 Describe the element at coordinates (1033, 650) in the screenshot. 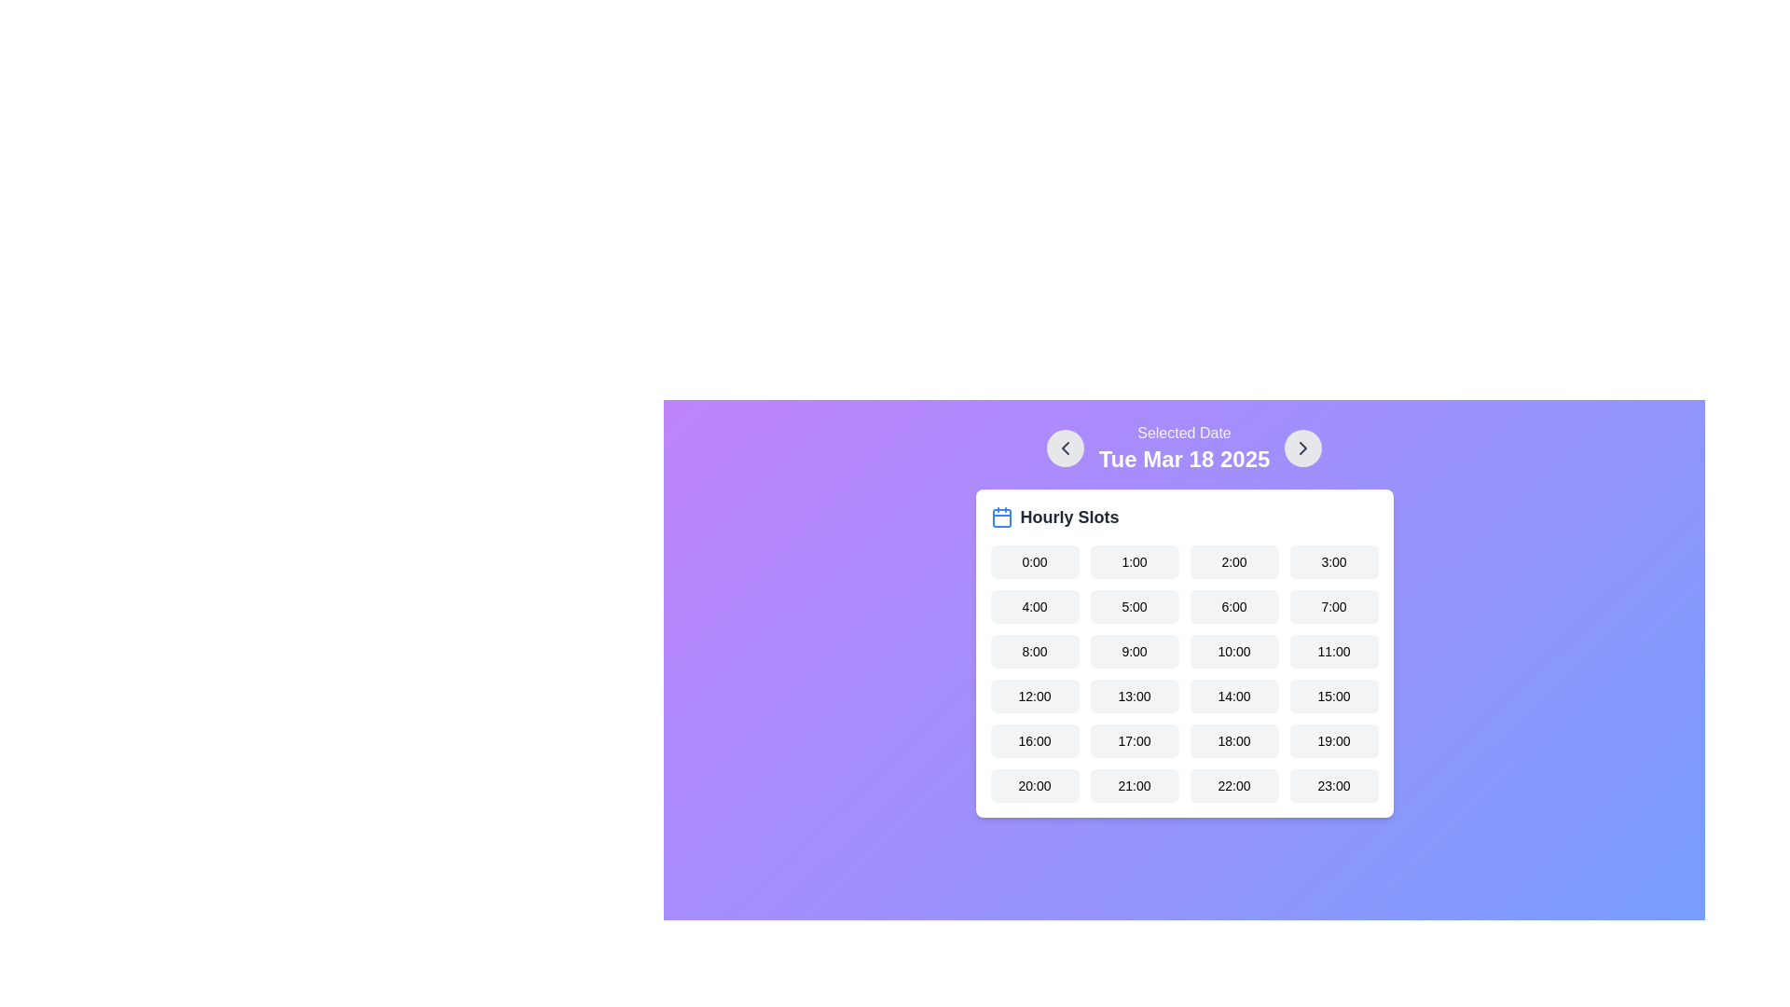

I see `the time slot button labeled '8:00' located in the first item of the third row under the 'Hourly Slots' panel` at that location.